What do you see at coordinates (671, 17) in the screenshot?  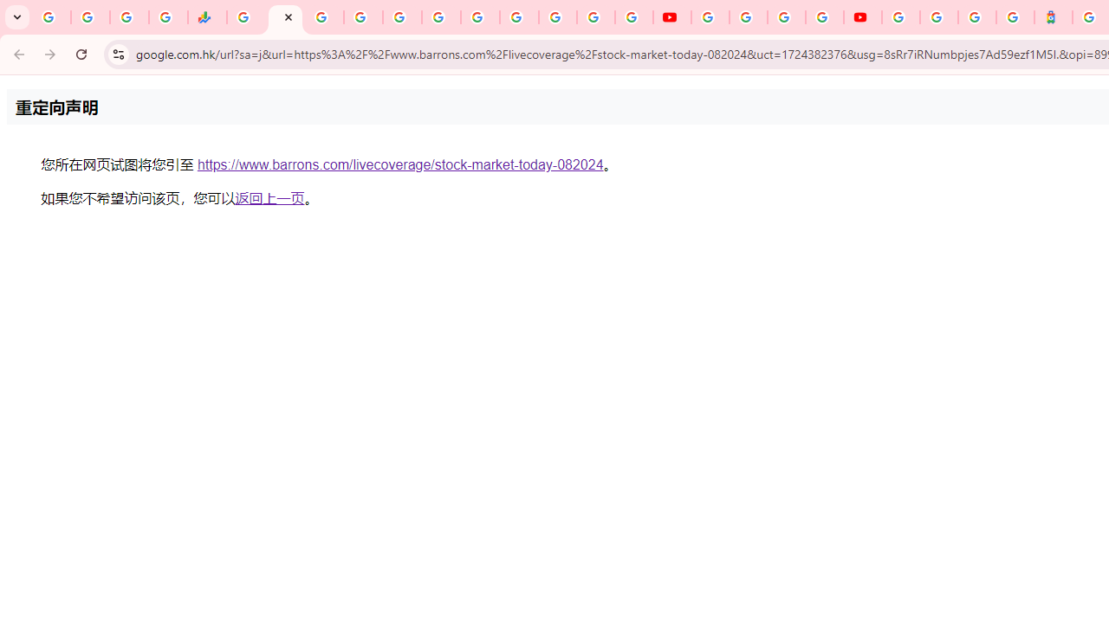 I see `'YouTube'` at bounding box center [671, 17].